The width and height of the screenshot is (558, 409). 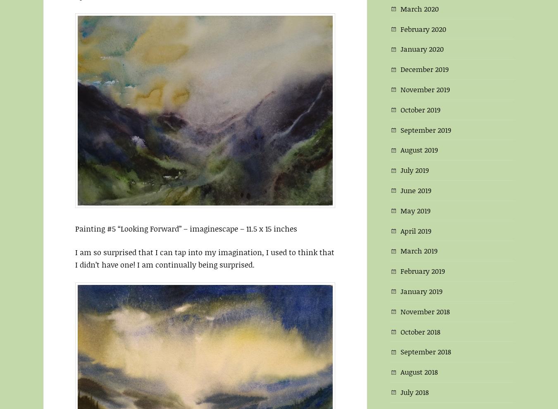 What do you see at coordinates (419, 250) in the screenshot?
I see `'March 2019'` at bounding box center [419, 250].